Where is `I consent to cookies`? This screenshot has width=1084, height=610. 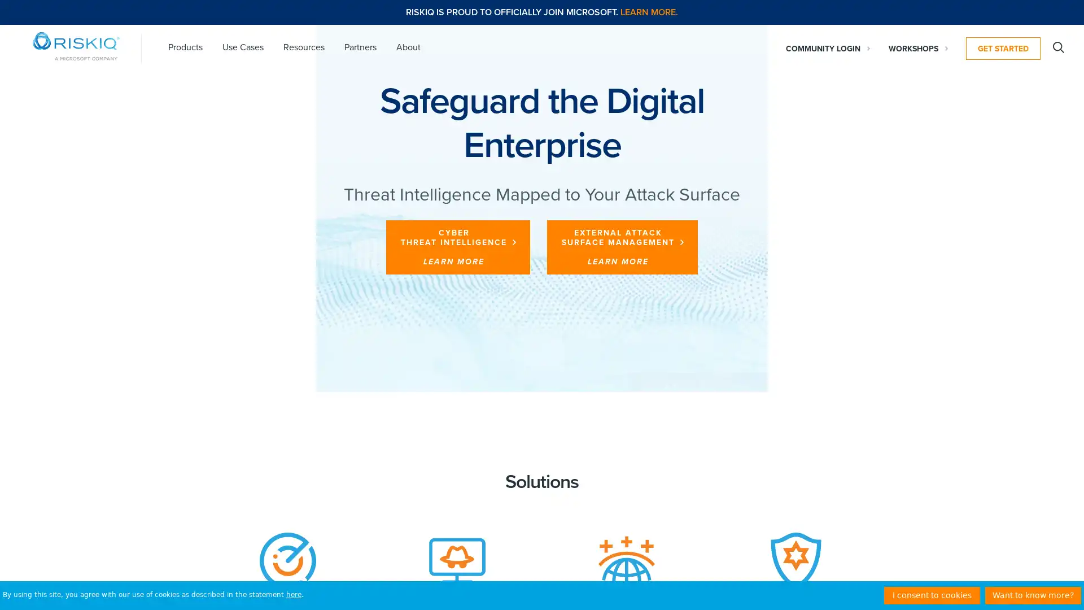
I consent to cookies is located at coordinates (932, 595).